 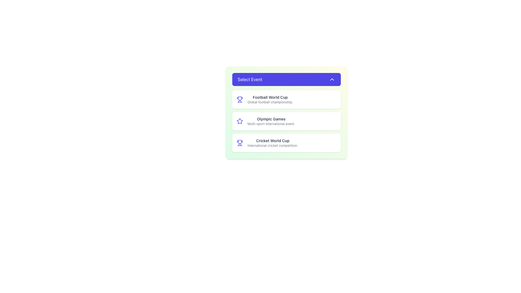 I want to click on the 'Olympic Games' text label, which is styled with a small bold gray font and is positioned as the main heading within a rectangular card, so click(x=271, y=119).